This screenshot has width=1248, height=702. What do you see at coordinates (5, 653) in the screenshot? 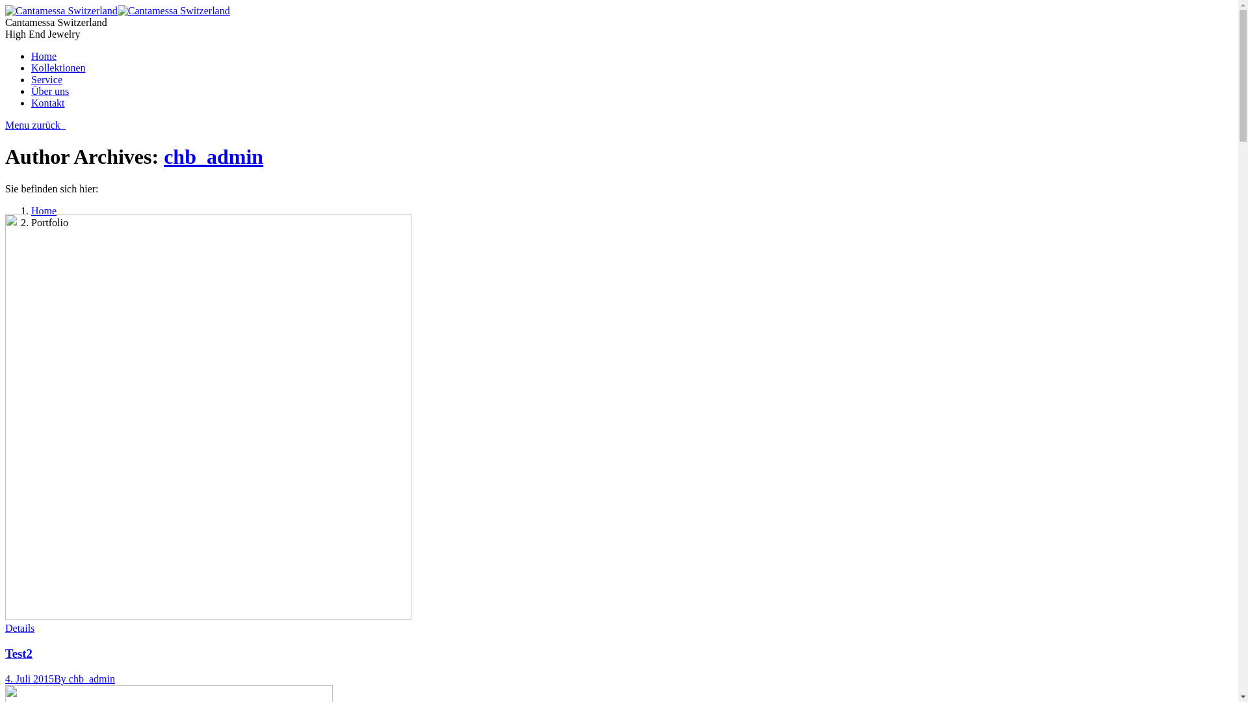
I see `'Test2'` at bounding box center [5, 653].